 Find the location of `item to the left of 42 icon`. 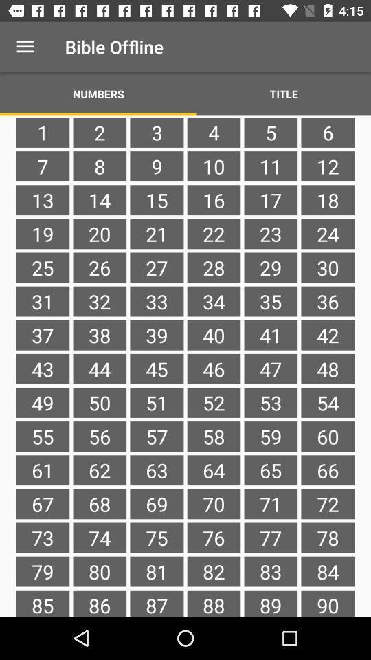

item to the left of 42 icon is located at coordinates (271, 368).